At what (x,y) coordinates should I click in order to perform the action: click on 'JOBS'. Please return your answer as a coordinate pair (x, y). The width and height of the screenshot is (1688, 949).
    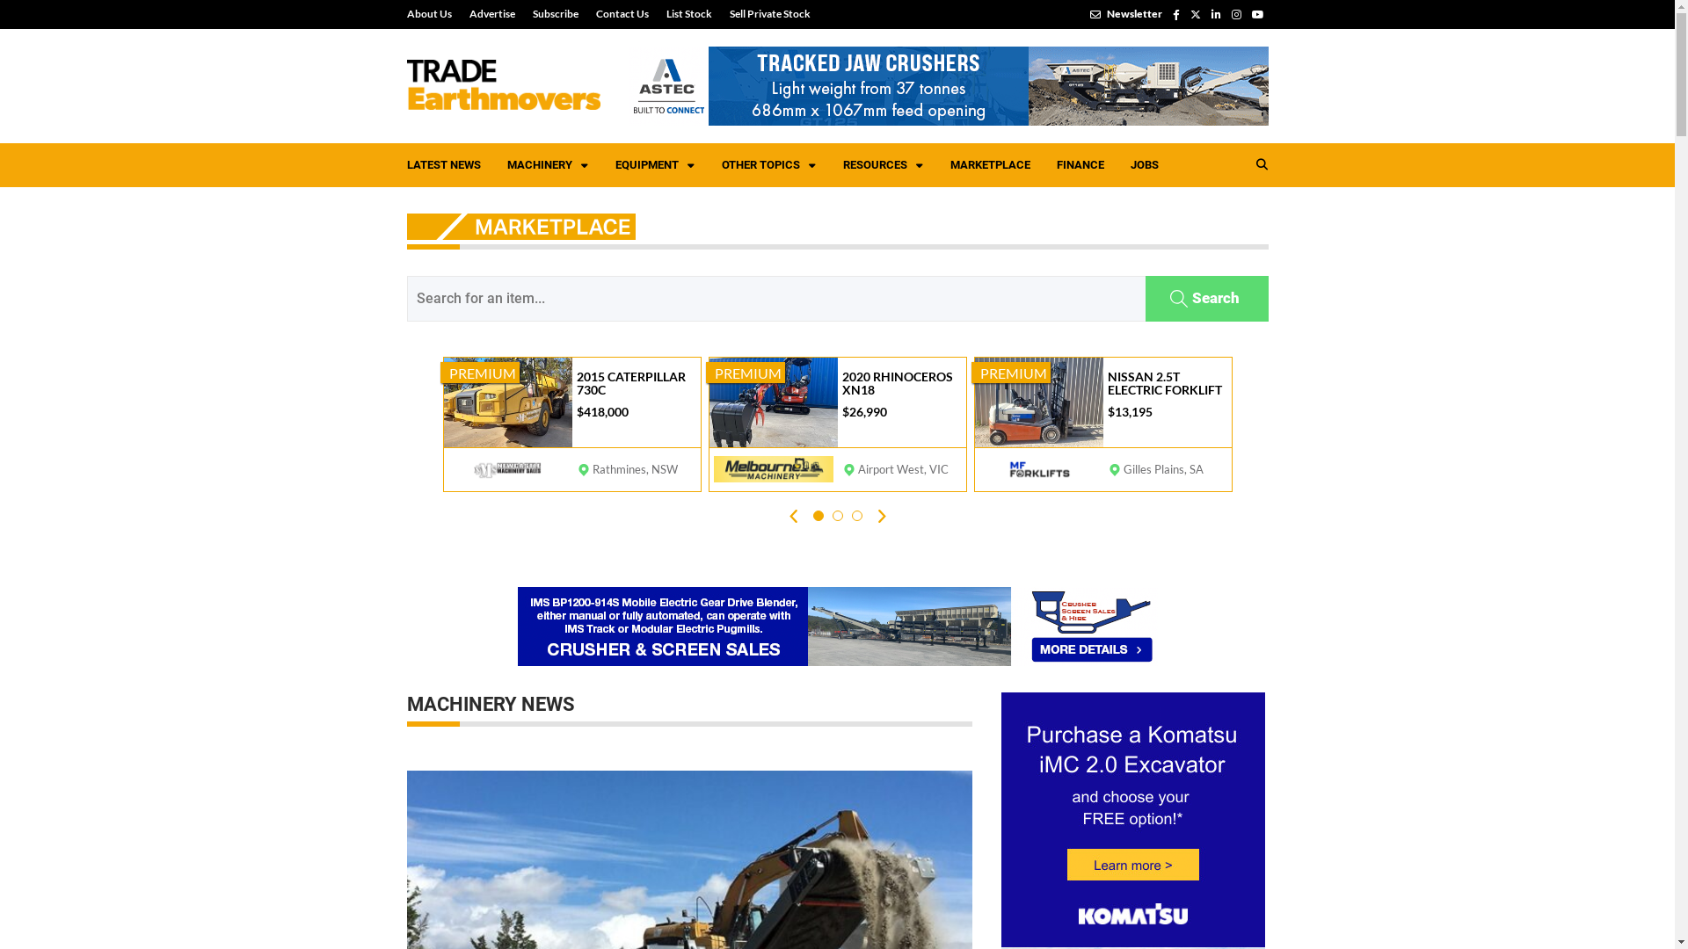
    Looking at the image, I should click on (1143, 165).